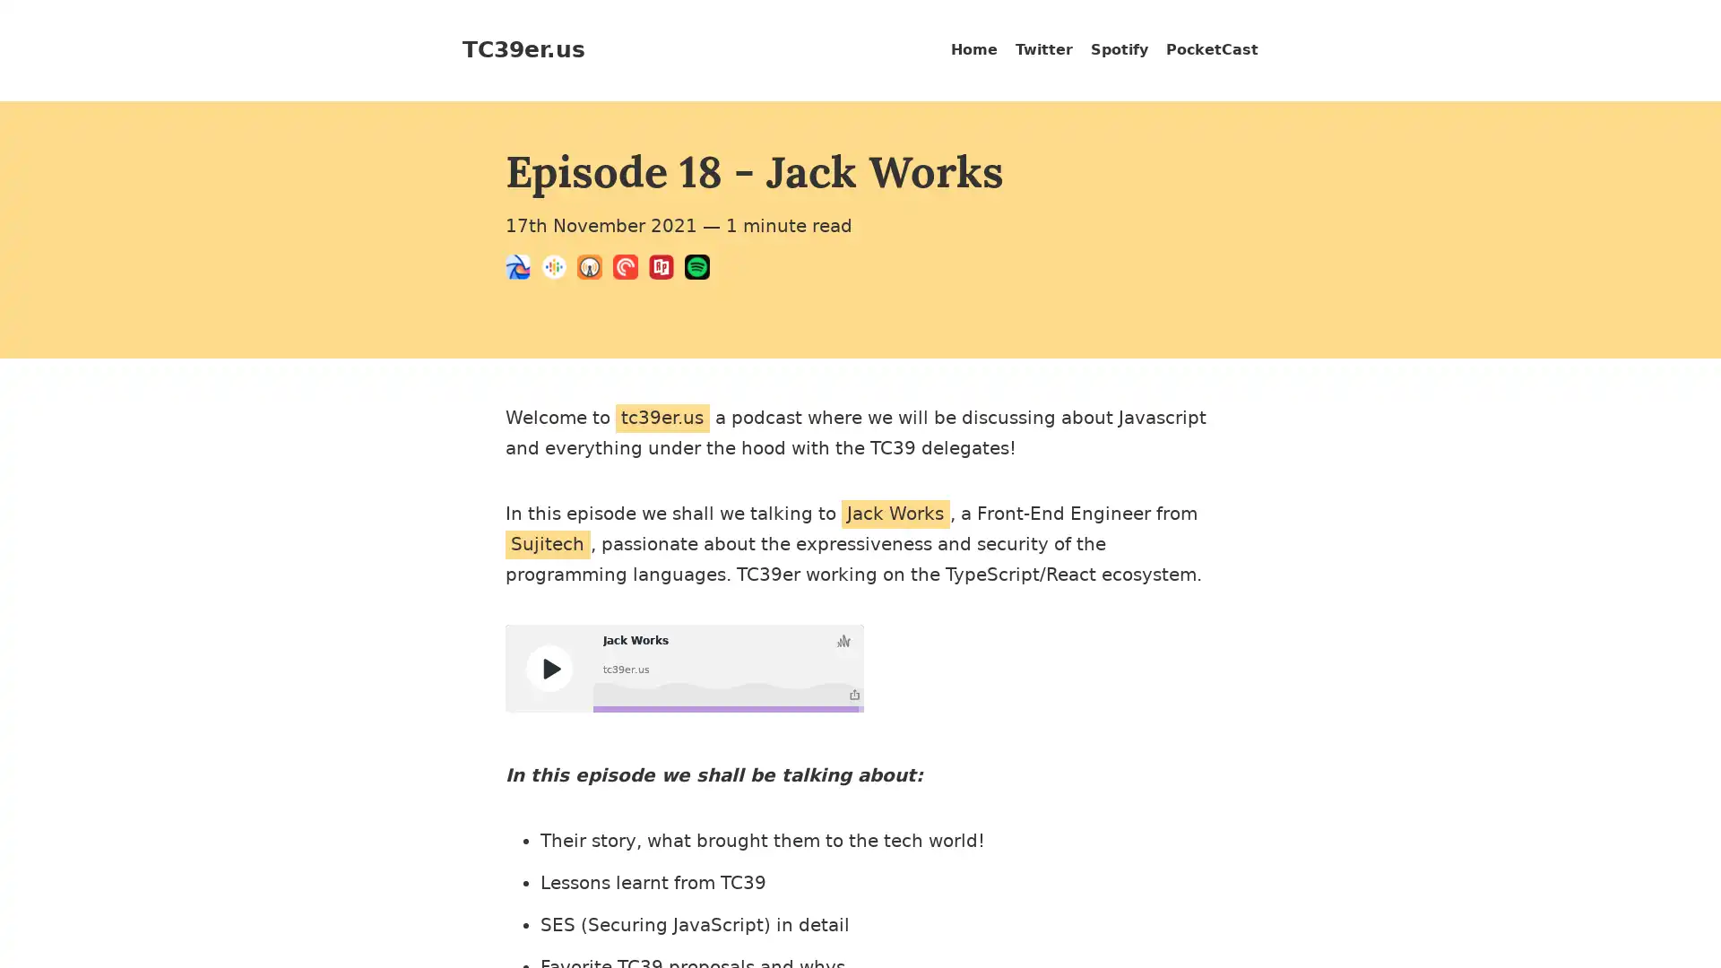 The image size is (1721, 968). What do you see at coordinates (701, 270) in the screenshot?
I see `Spotify Logo` at bounding box center [701, 270].